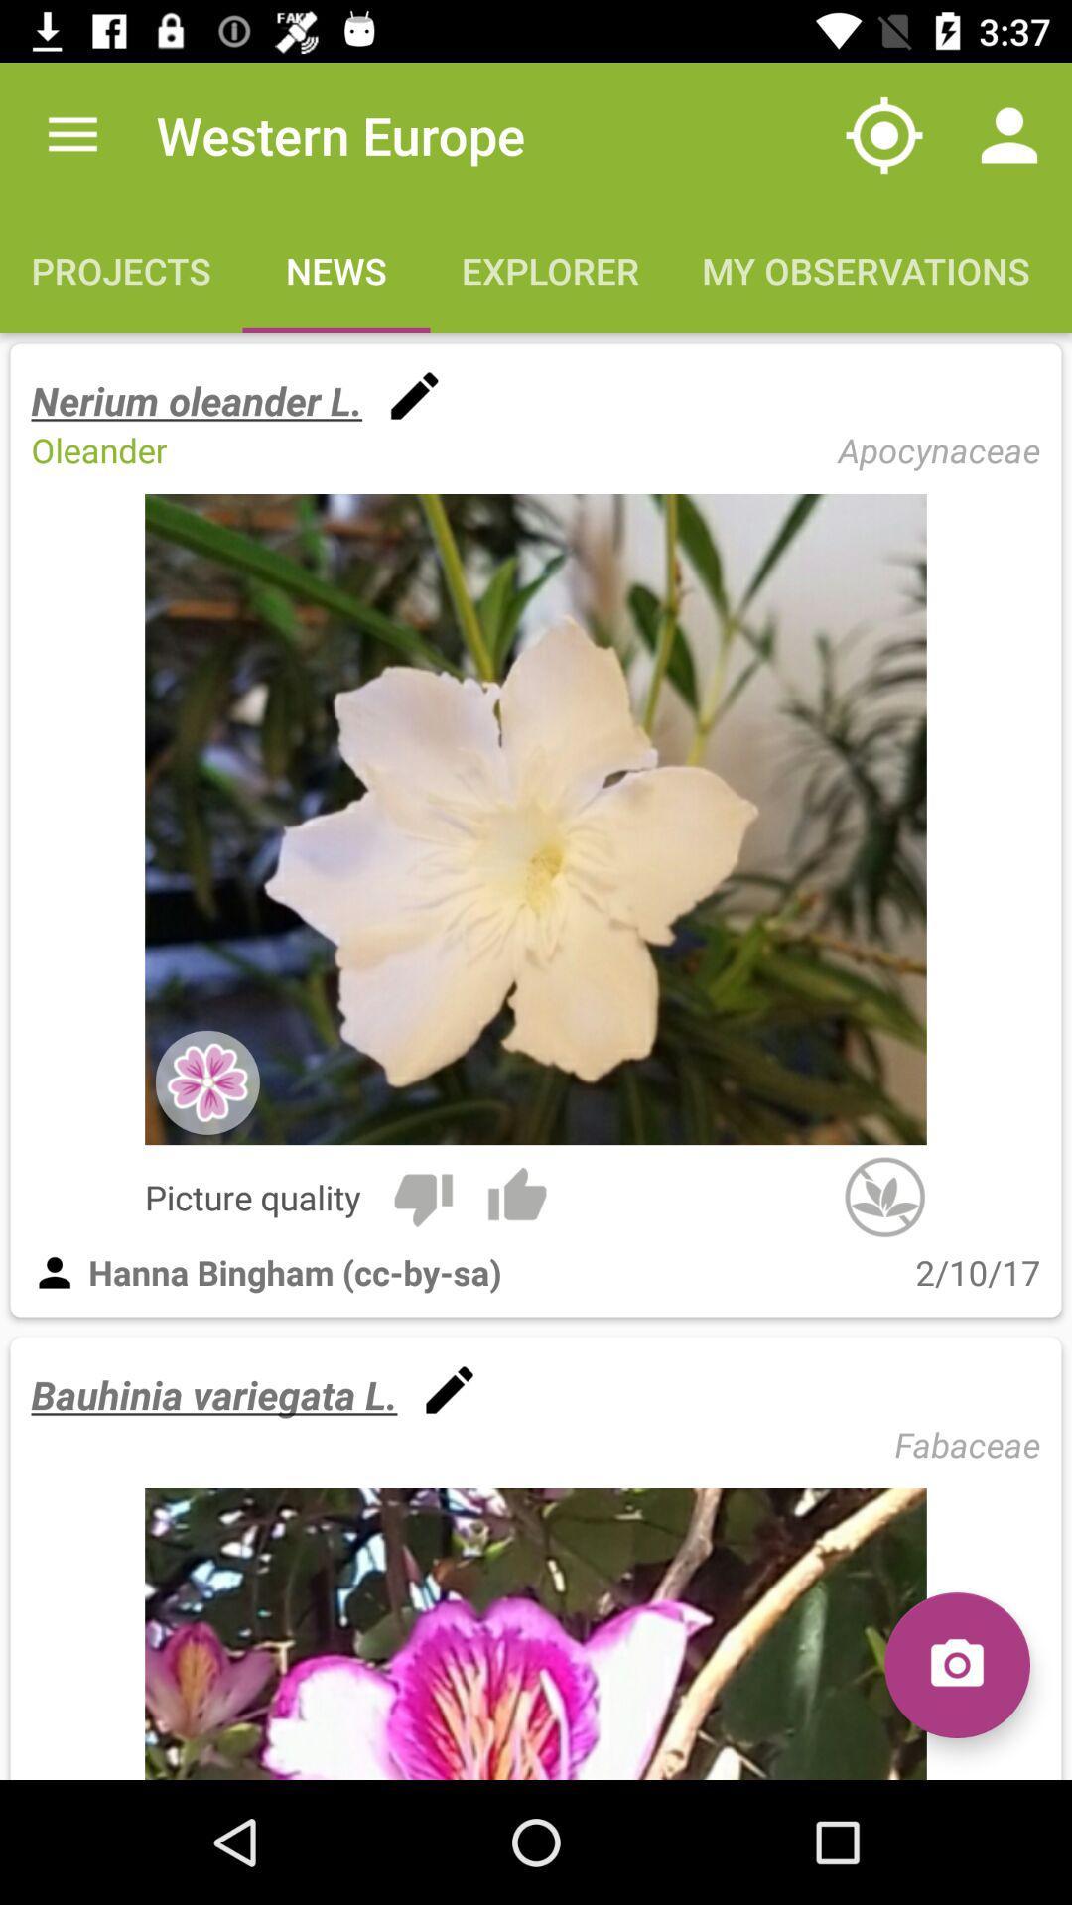 This screenshot has height=1905, width=1072. Describe the element at coordinates (883, 1196) in the screenshot. I see `item on the right` at that location.